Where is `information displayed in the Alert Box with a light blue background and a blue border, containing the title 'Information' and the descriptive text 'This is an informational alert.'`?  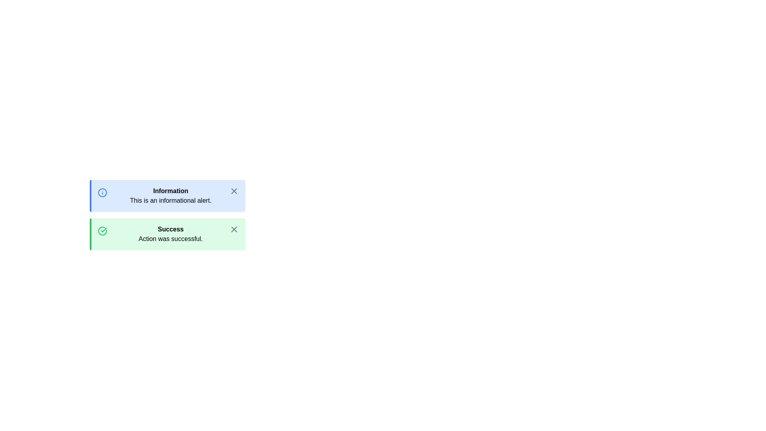
information displayed in the Alert Box with a light blue background and a blue border, containing the title 'Information' and the descriptive text 'This is an informational alert.' is located at coordinates (167, 196).